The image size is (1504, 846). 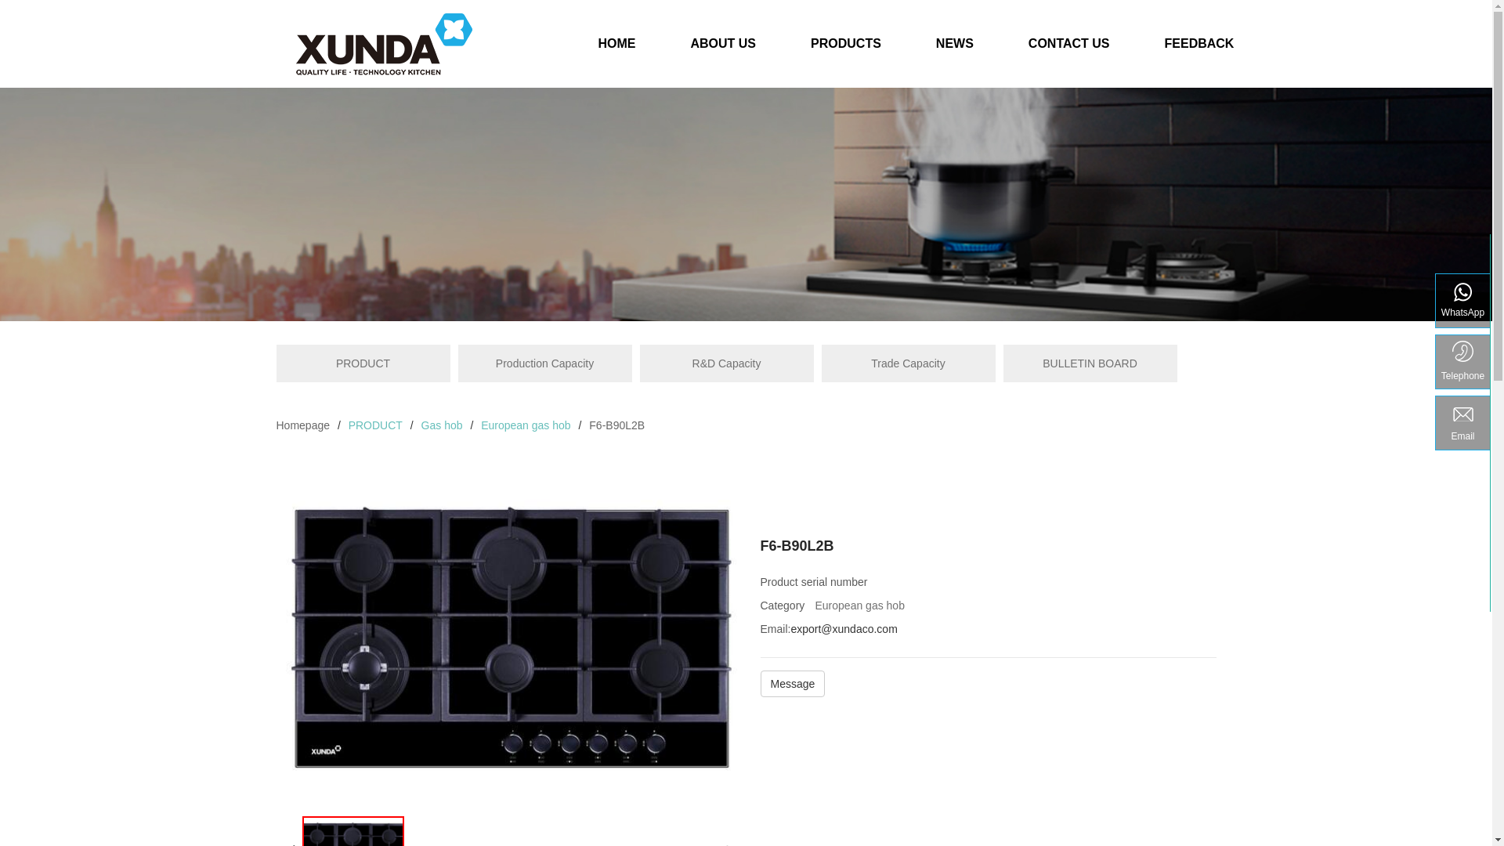 I want to click on 'CONTACT US', so click(x=1068, y=49).